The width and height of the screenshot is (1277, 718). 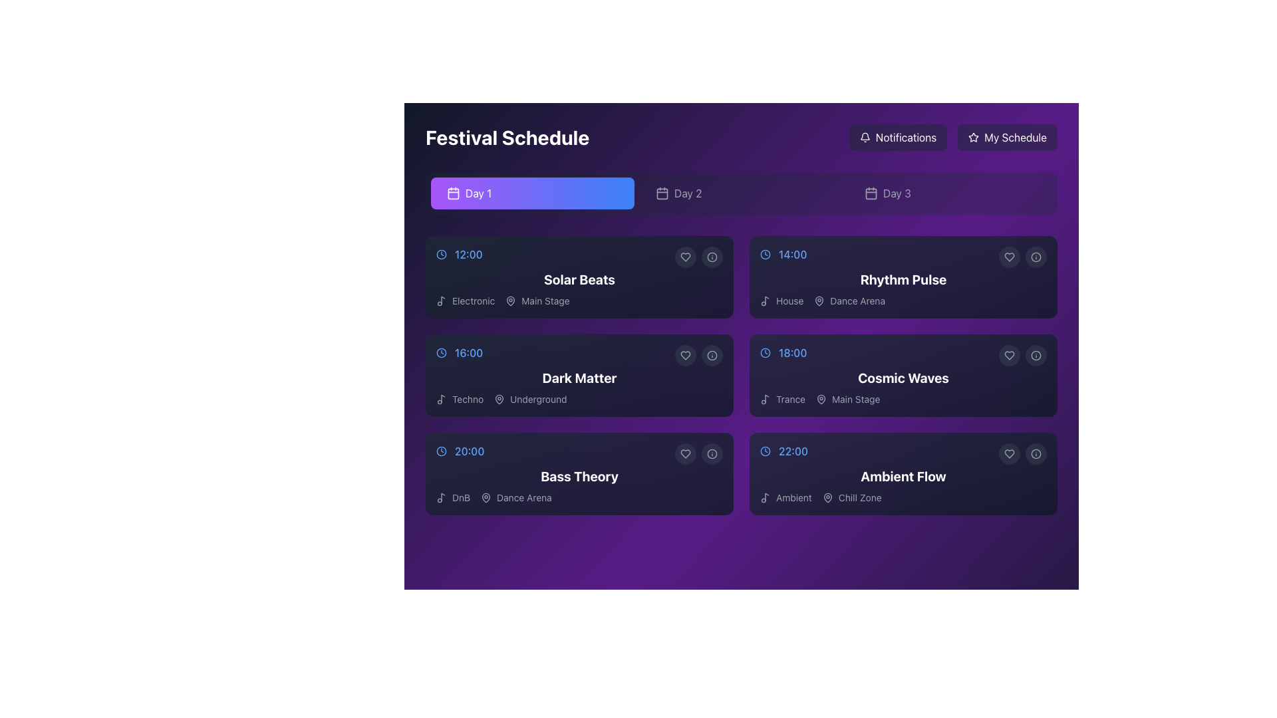 What do you see at coordinates (1009, 453) in the screenshot?
I see `the leftmost icon` at bounding box center [1009, 453].